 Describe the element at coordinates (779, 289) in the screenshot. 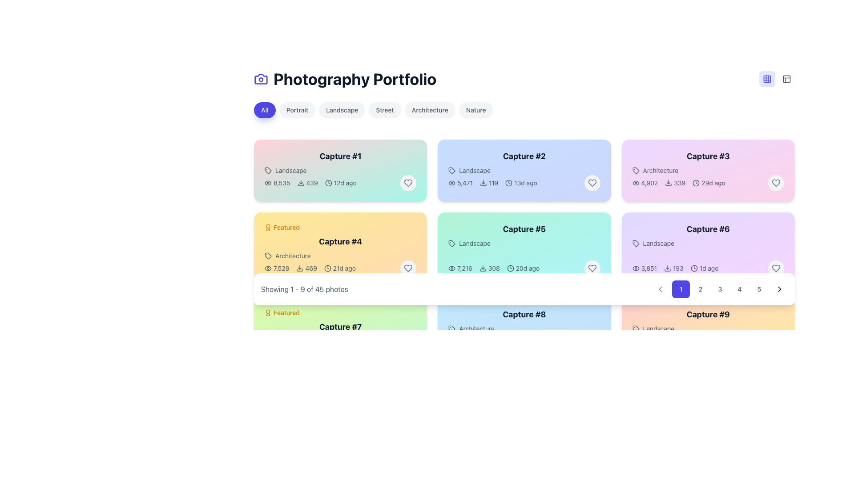

I see `the button with a chevron icon located at the farthest right position in the horizontal pagination bar` at that location.